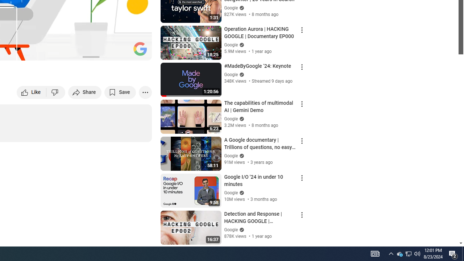 This screenshot has width=464, height=261. Describe the element at coordinates (138, 51) in the screenshot. I see `'Full screen (f)'` at that location.